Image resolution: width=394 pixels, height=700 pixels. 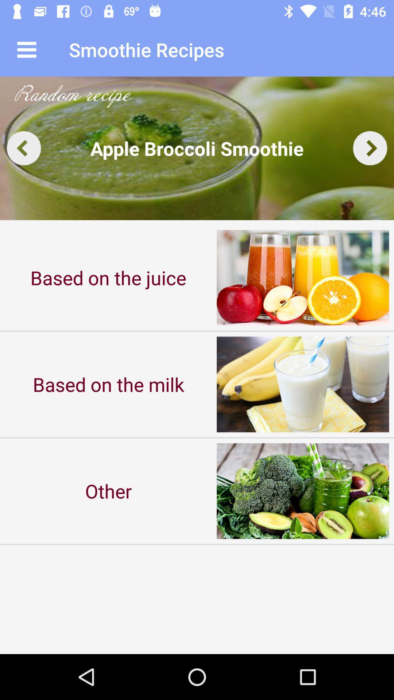 I want to click on choose a recipe, so click(x=197, y=148).